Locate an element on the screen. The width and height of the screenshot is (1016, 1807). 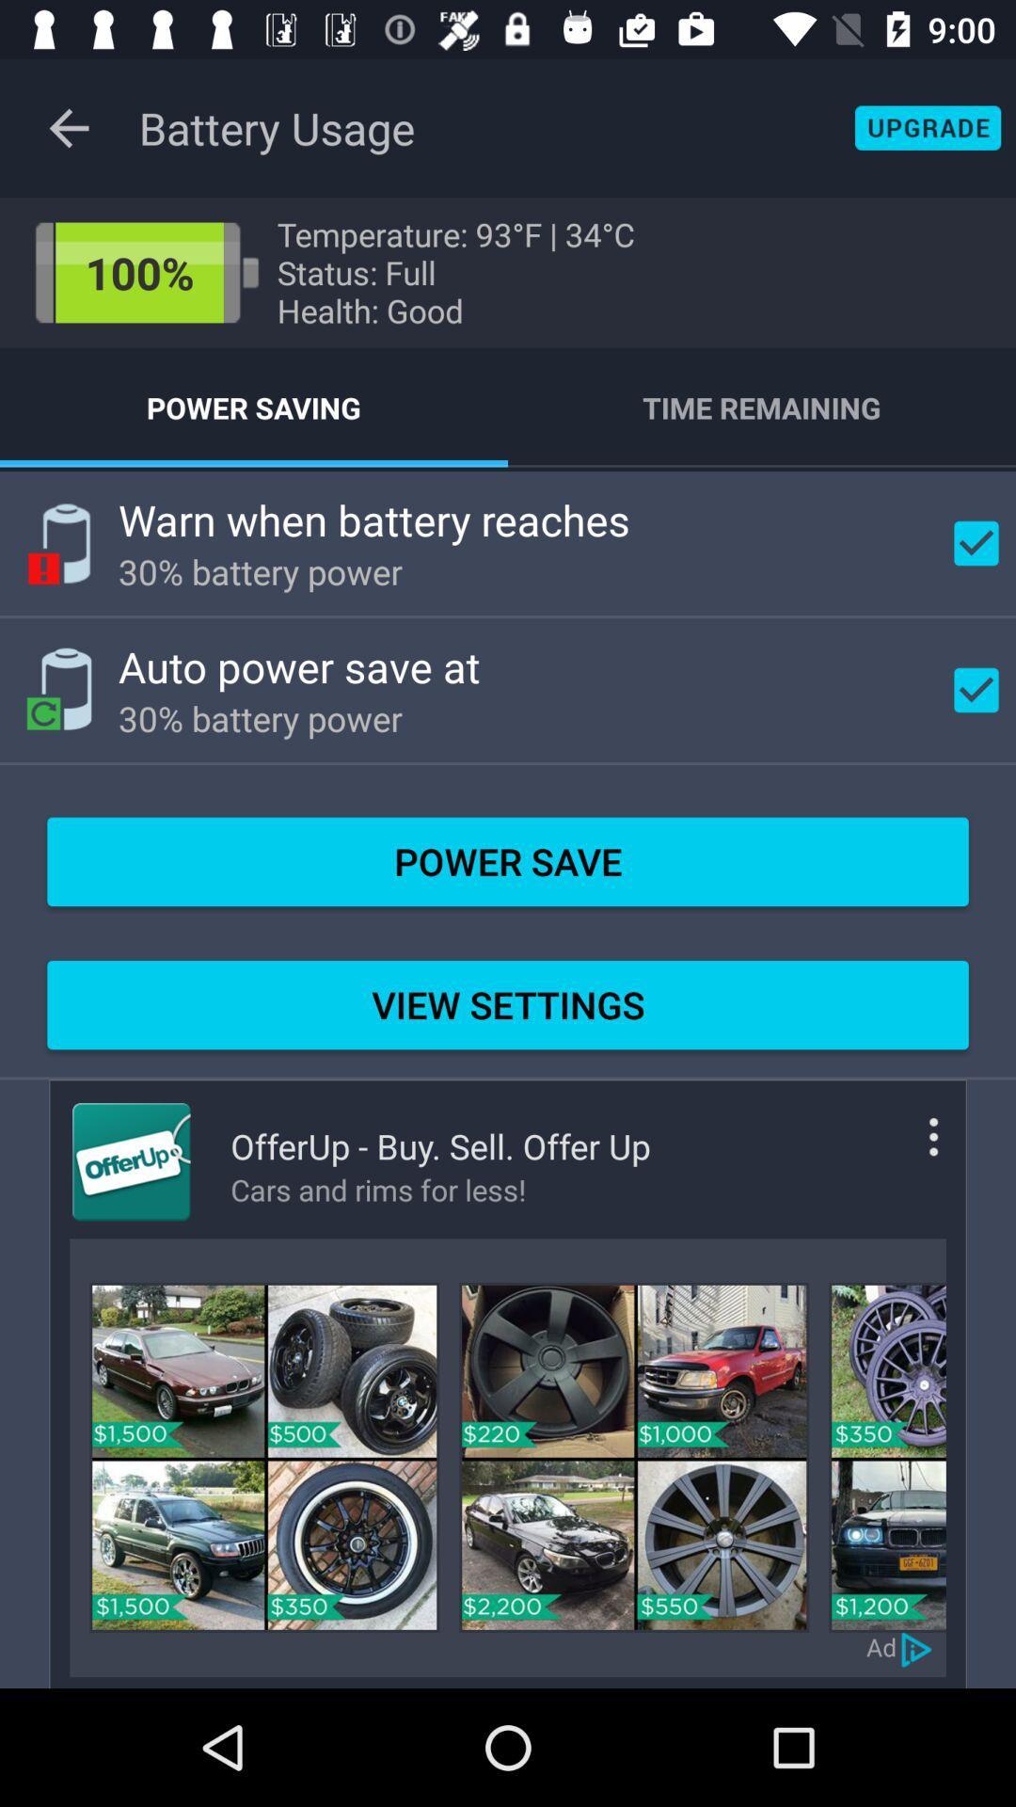
the item at the bottom left corner is located at coordinates (264, 1456).